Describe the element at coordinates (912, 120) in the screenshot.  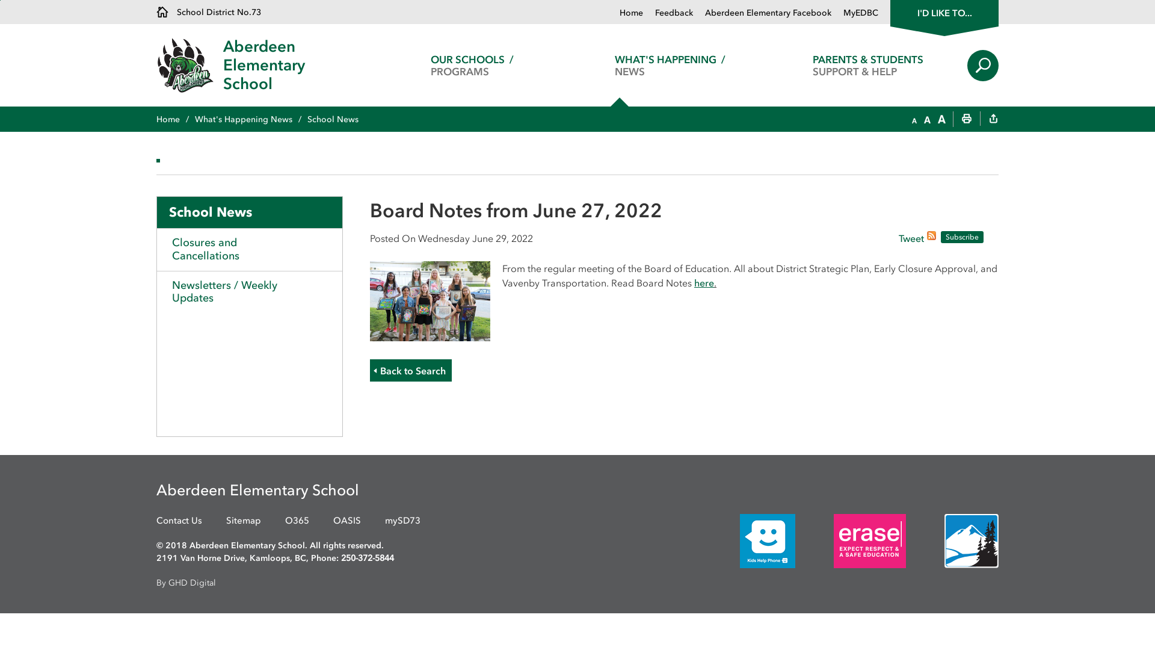
I see `'Decrease text size'` at that location.